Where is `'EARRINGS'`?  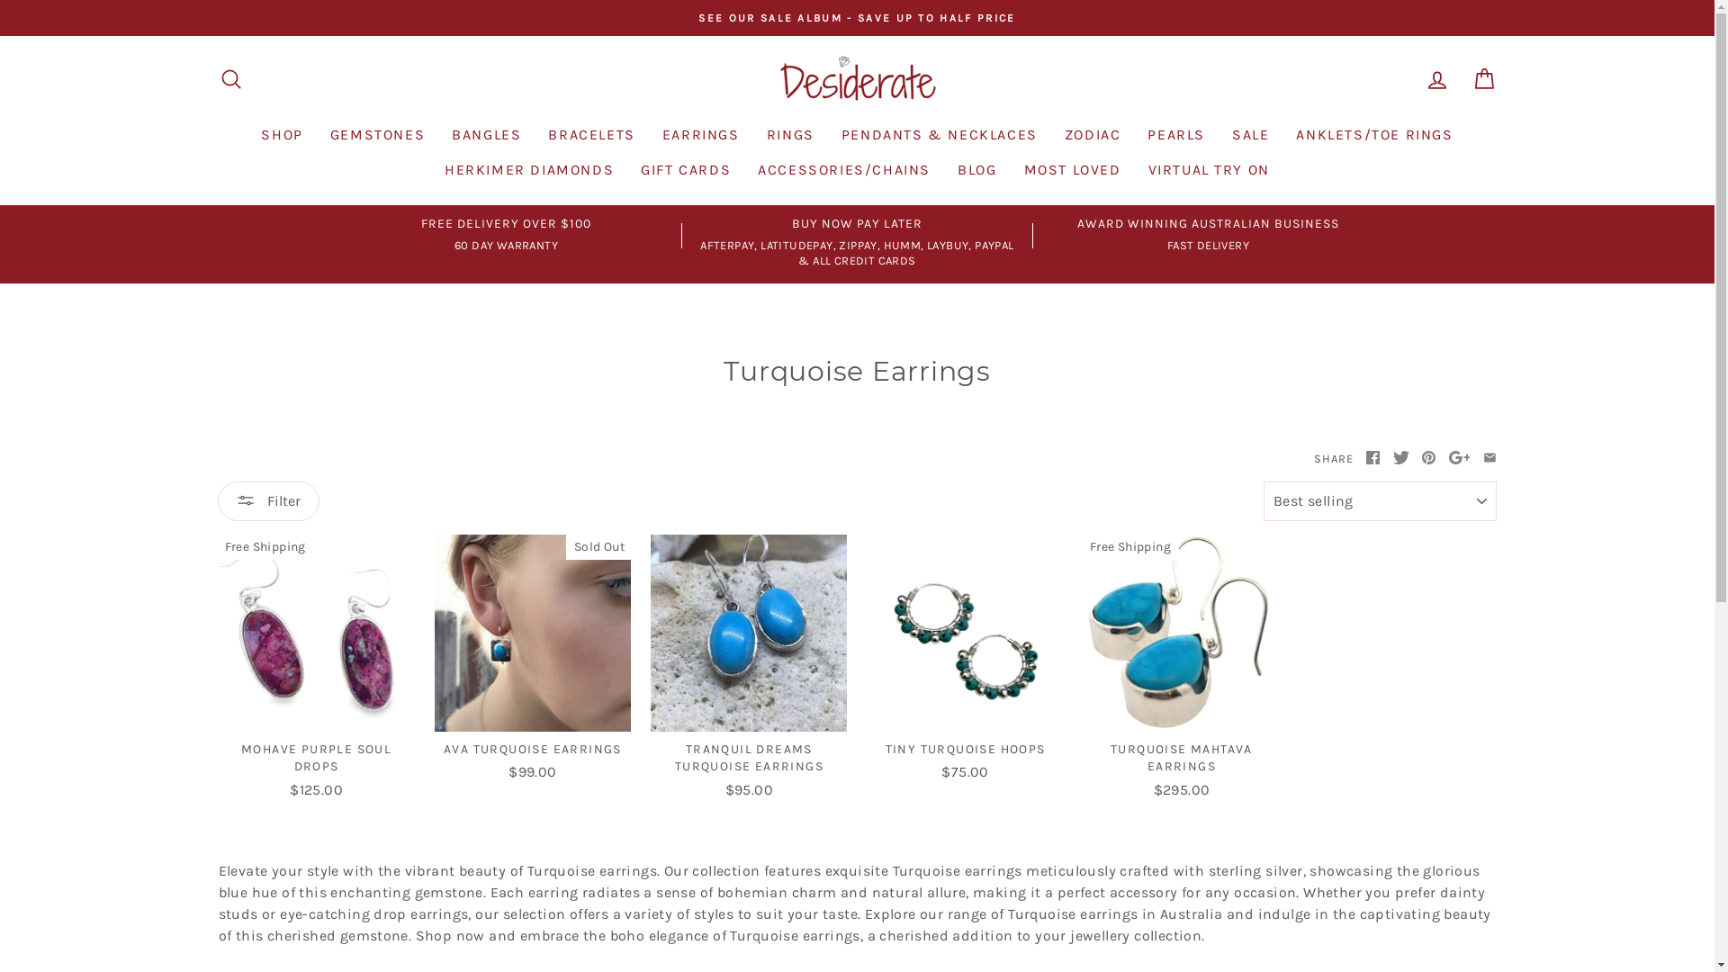
'EARRINGS' is located at coordinates (699, 133).